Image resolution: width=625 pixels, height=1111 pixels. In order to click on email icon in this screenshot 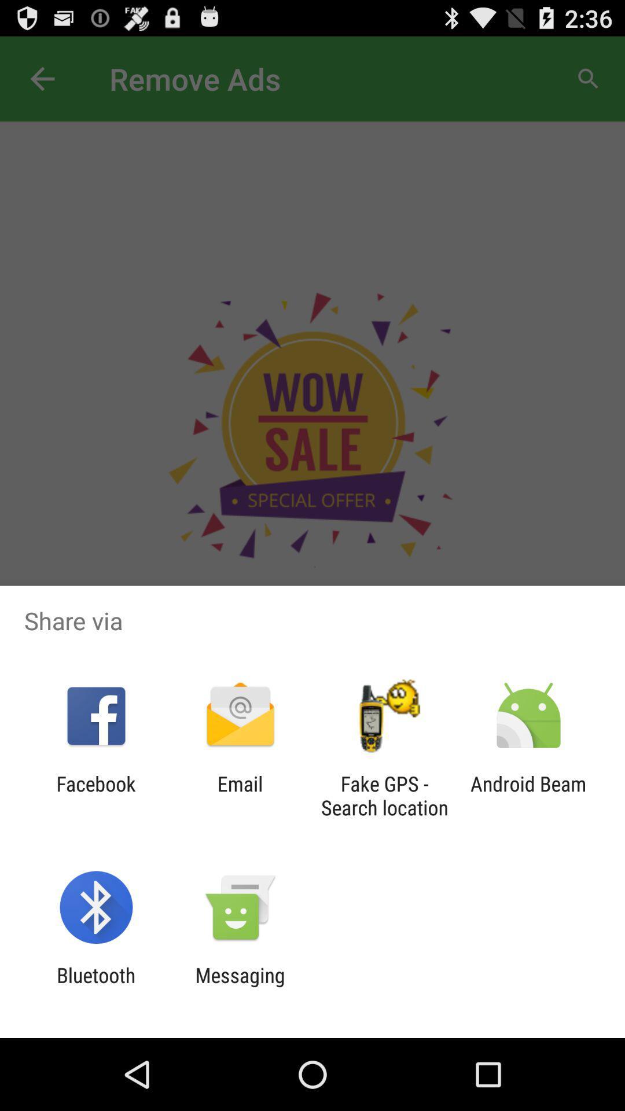, I will do `click(240, 795)`.